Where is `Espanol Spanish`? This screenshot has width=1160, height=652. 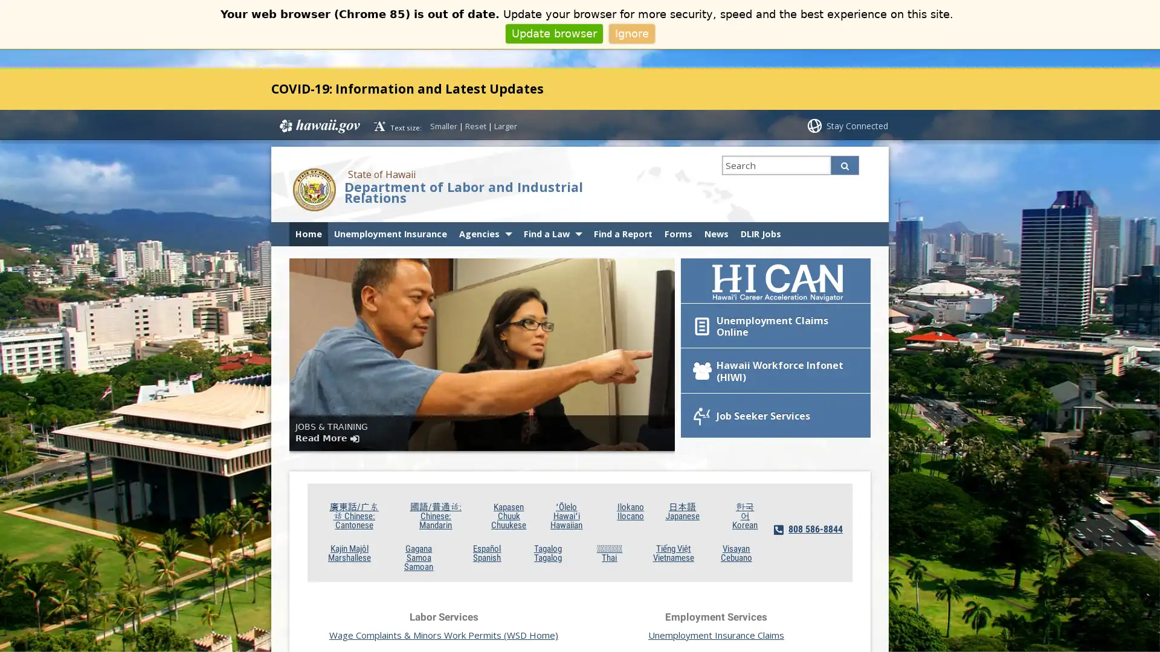 Espanol Spanish is located at coordinates (487, 558).